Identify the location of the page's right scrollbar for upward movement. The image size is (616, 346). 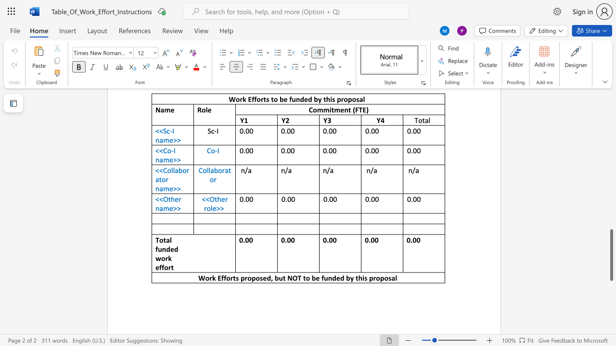
(611, 206).